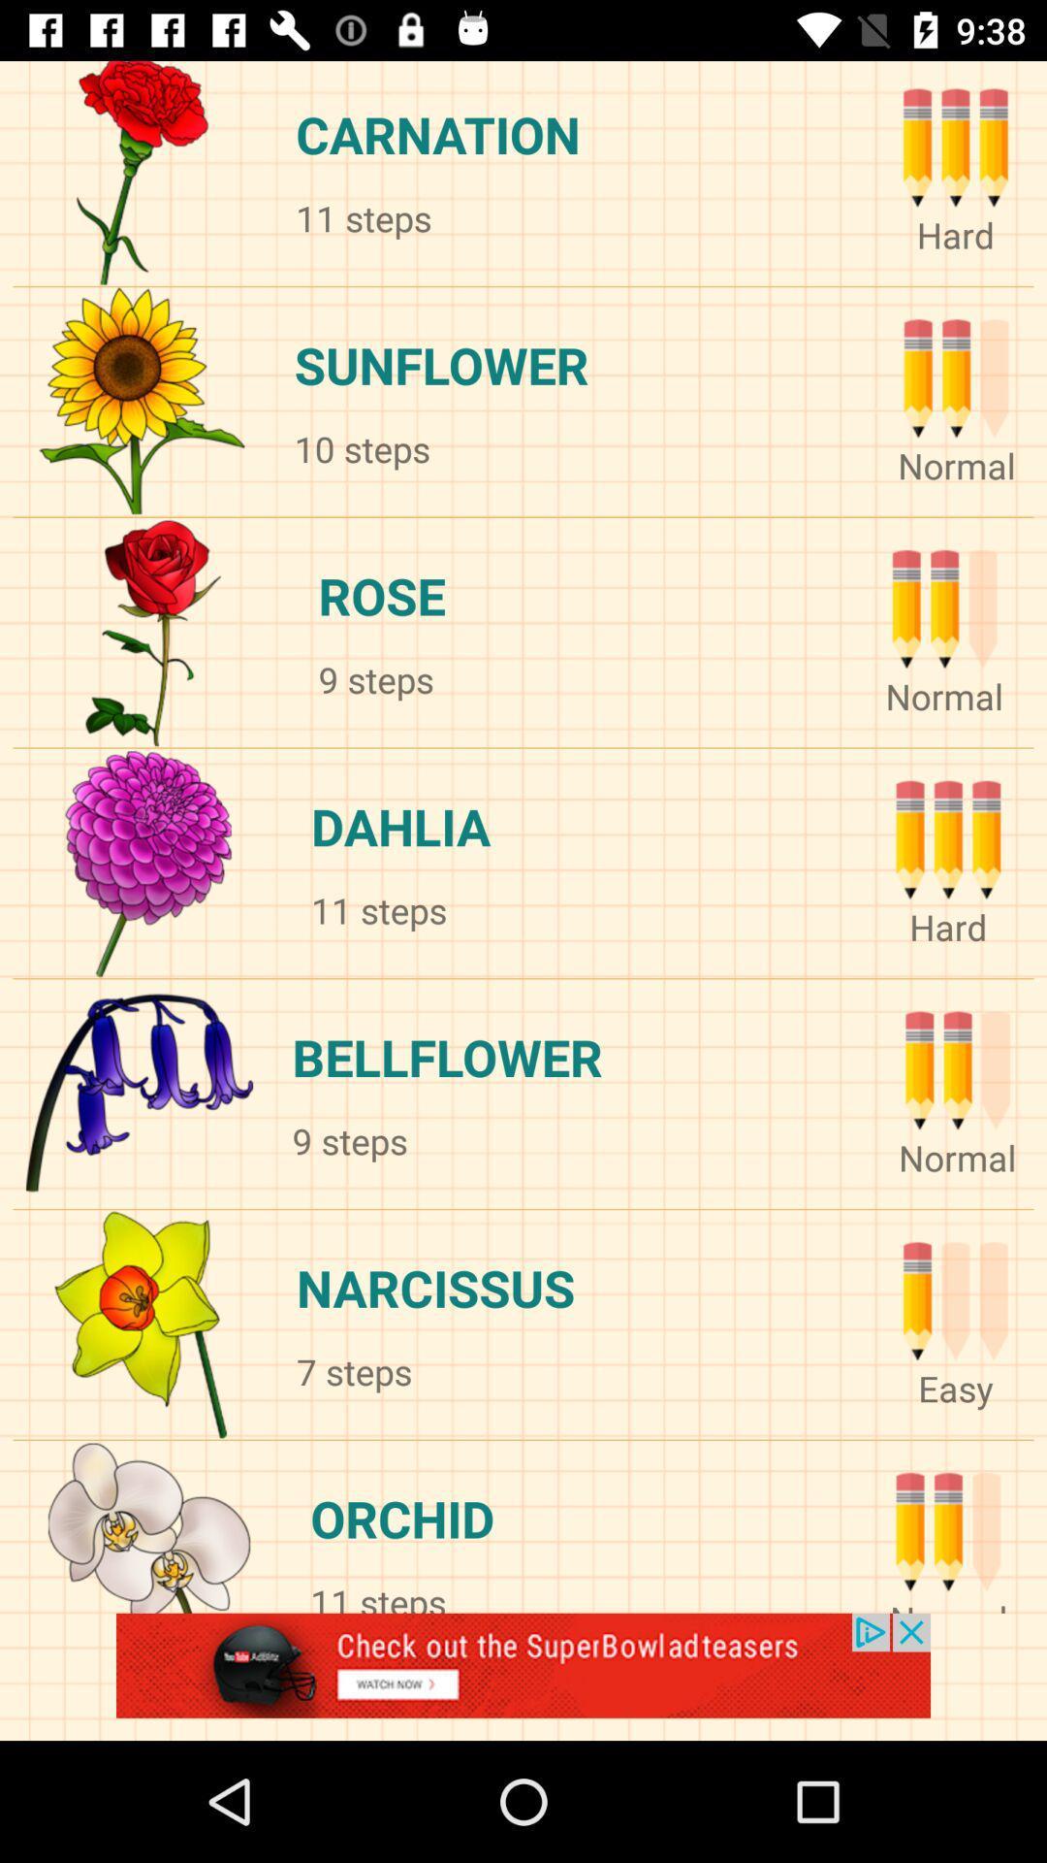 This screenshot has height=1863, width=1047. Describe the element at coordinates (523, 1676) in the screenshot. I see `advertisement page` at that location.